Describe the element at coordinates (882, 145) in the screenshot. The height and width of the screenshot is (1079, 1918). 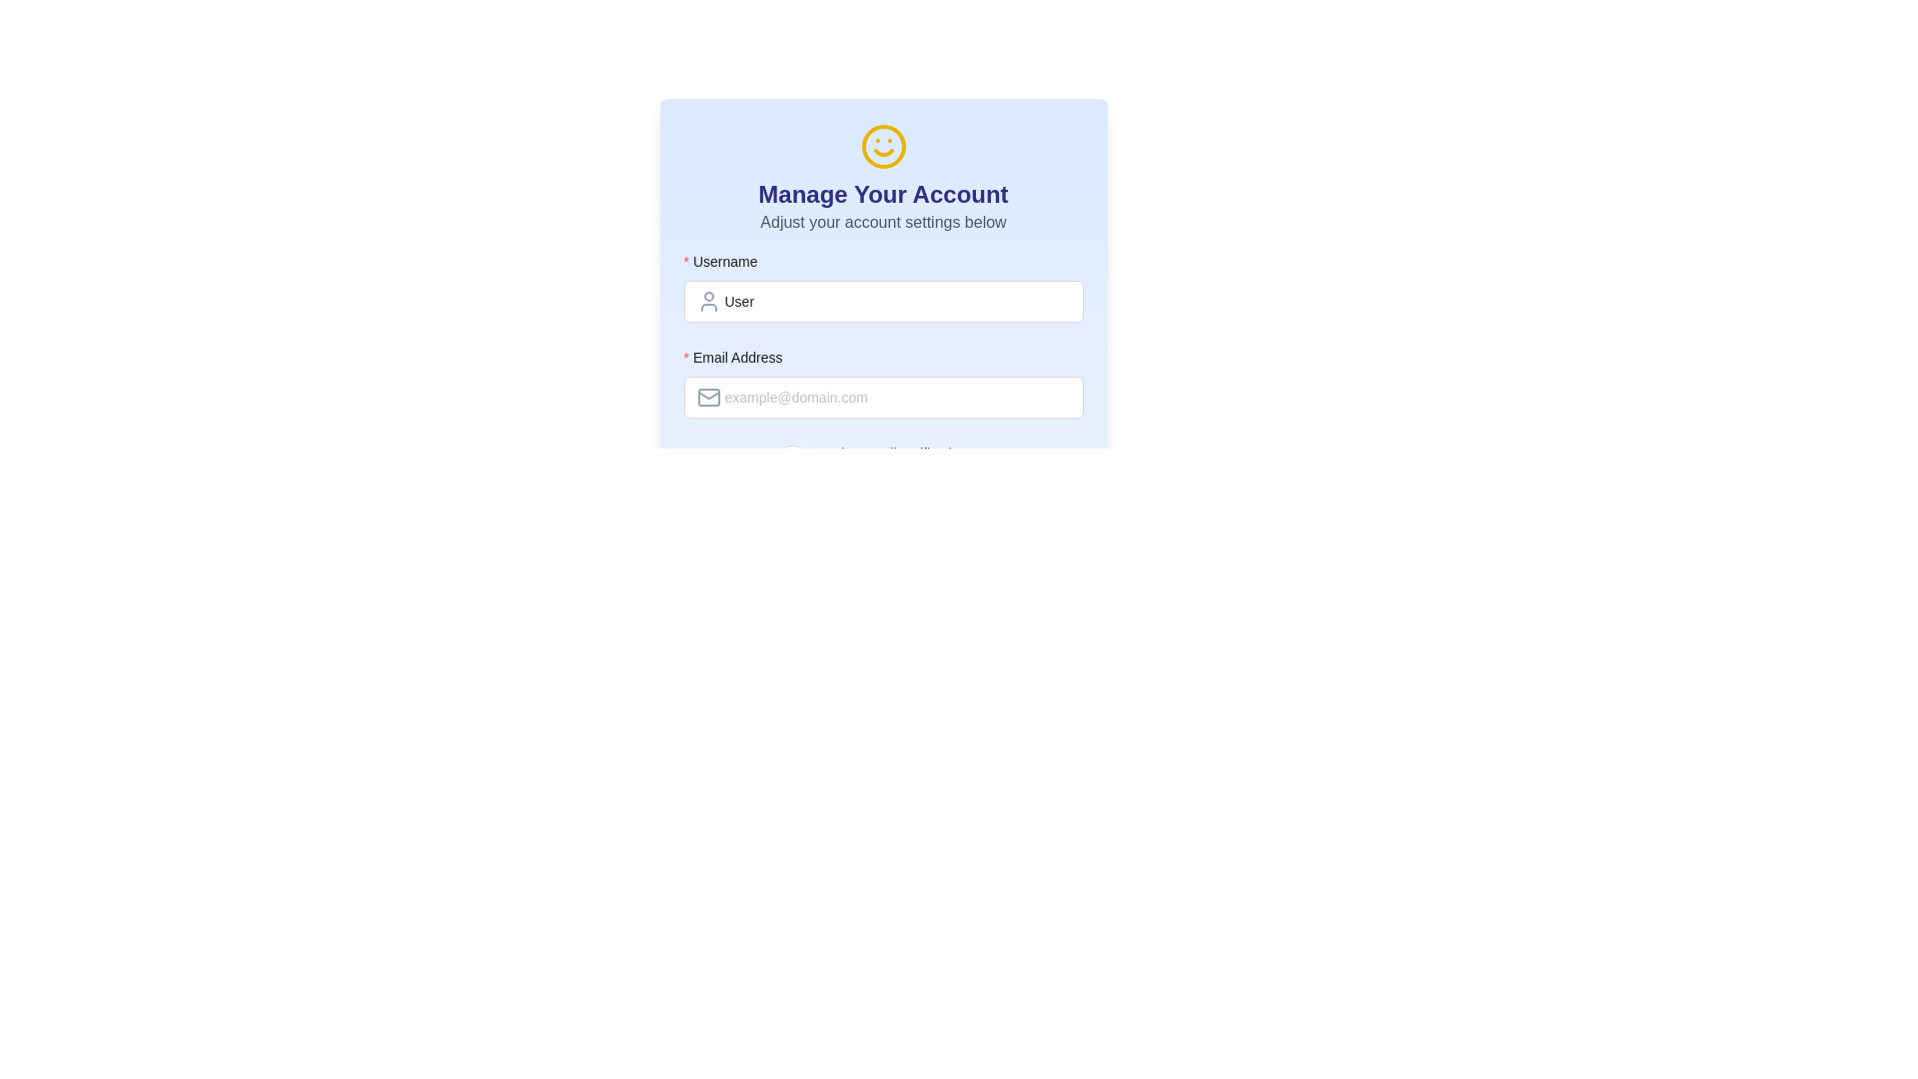
I see `the decorative icon that conveys a positive message, located above the 'Manage Your Account' heading in the account management interface` at that location.